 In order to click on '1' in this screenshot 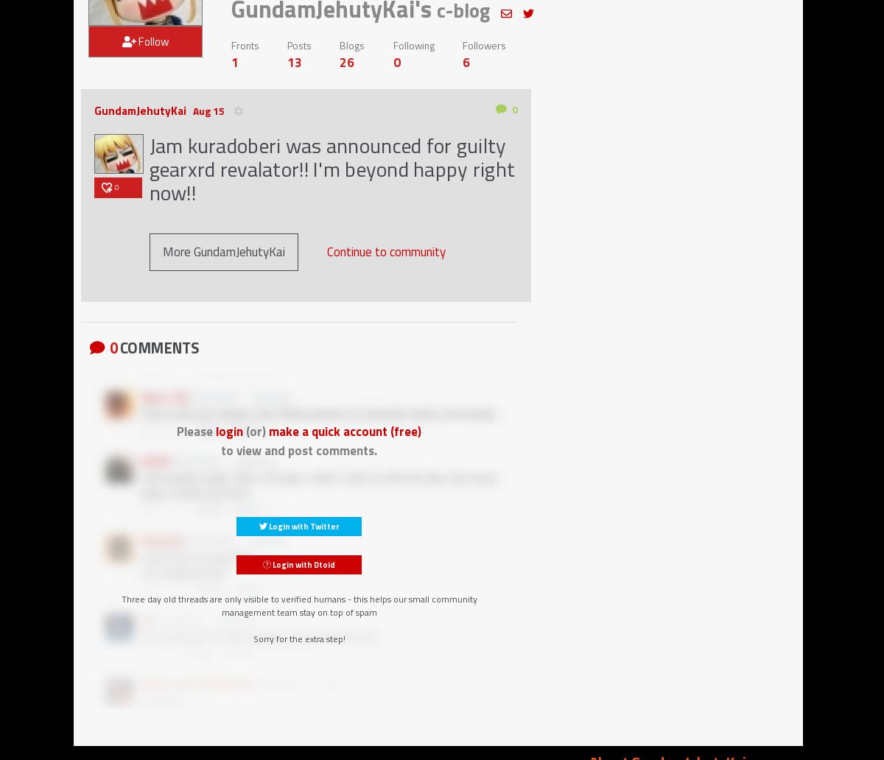, I will do `click(234, 62)`.